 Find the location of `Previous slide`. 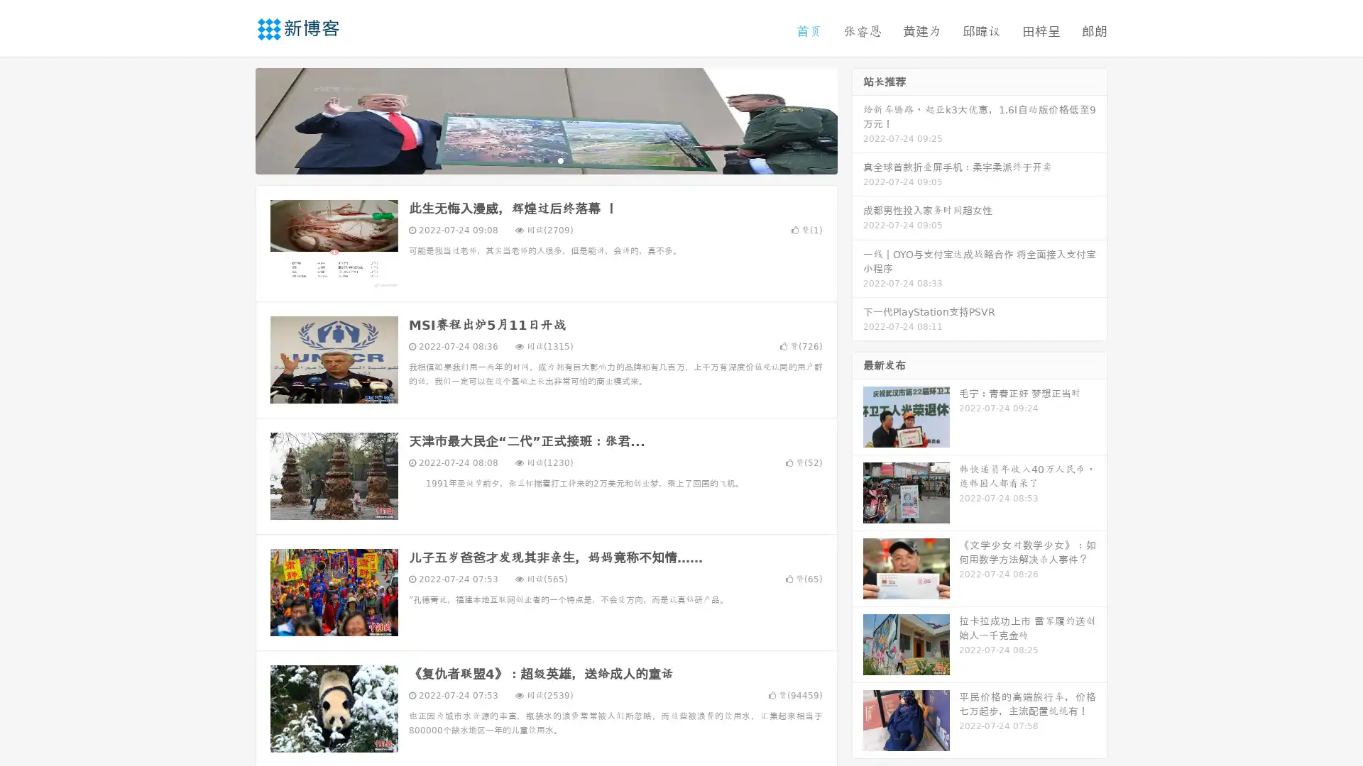

Previous slide is located at coordinates (234, 119).